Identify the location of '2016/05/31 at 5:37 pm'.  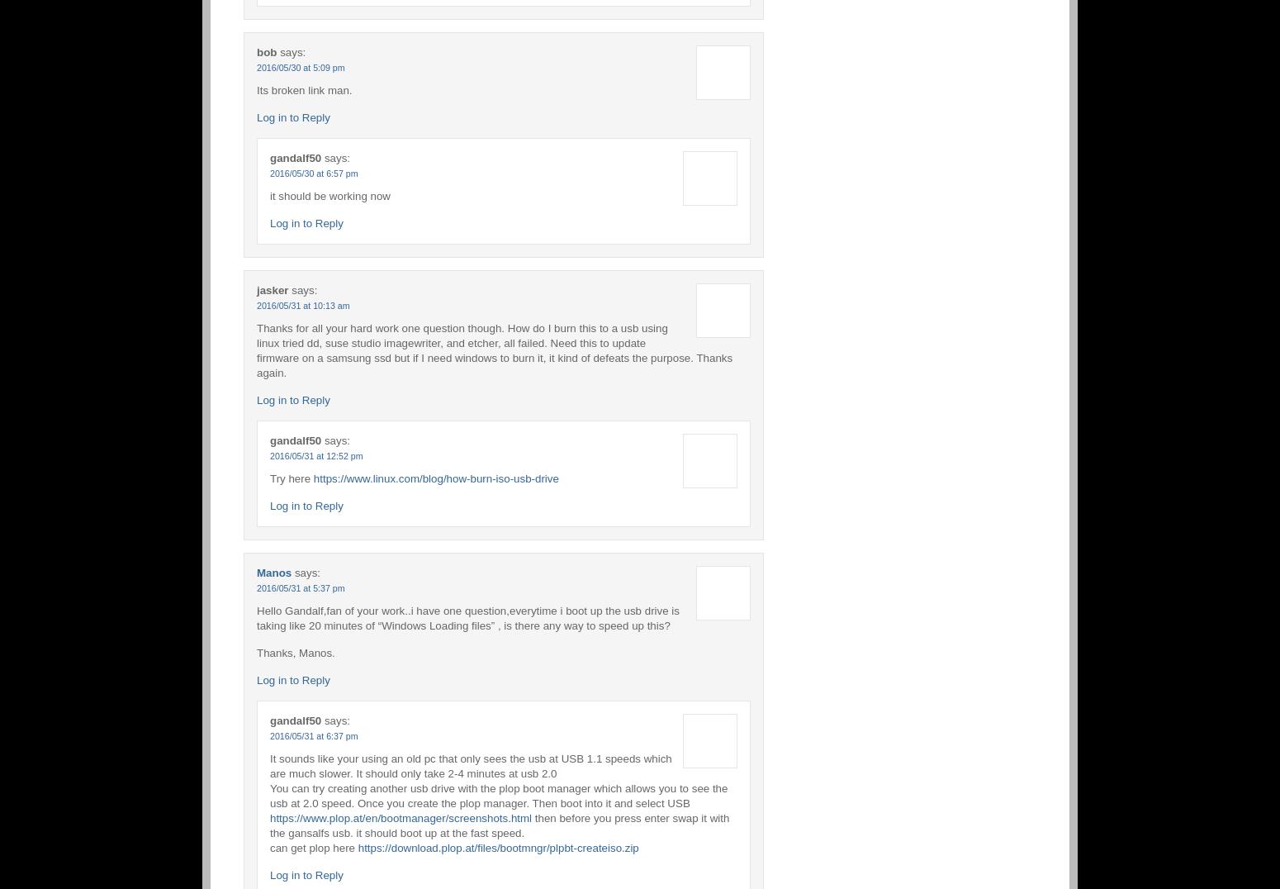
(299, 587).